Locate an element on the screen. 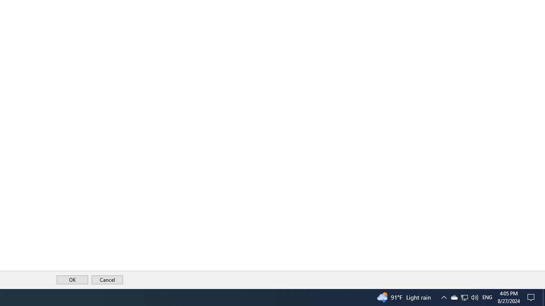 This screenshot has height=306, width=545. 'User Promoted Notification Area' is located at coordinates (464, 297).